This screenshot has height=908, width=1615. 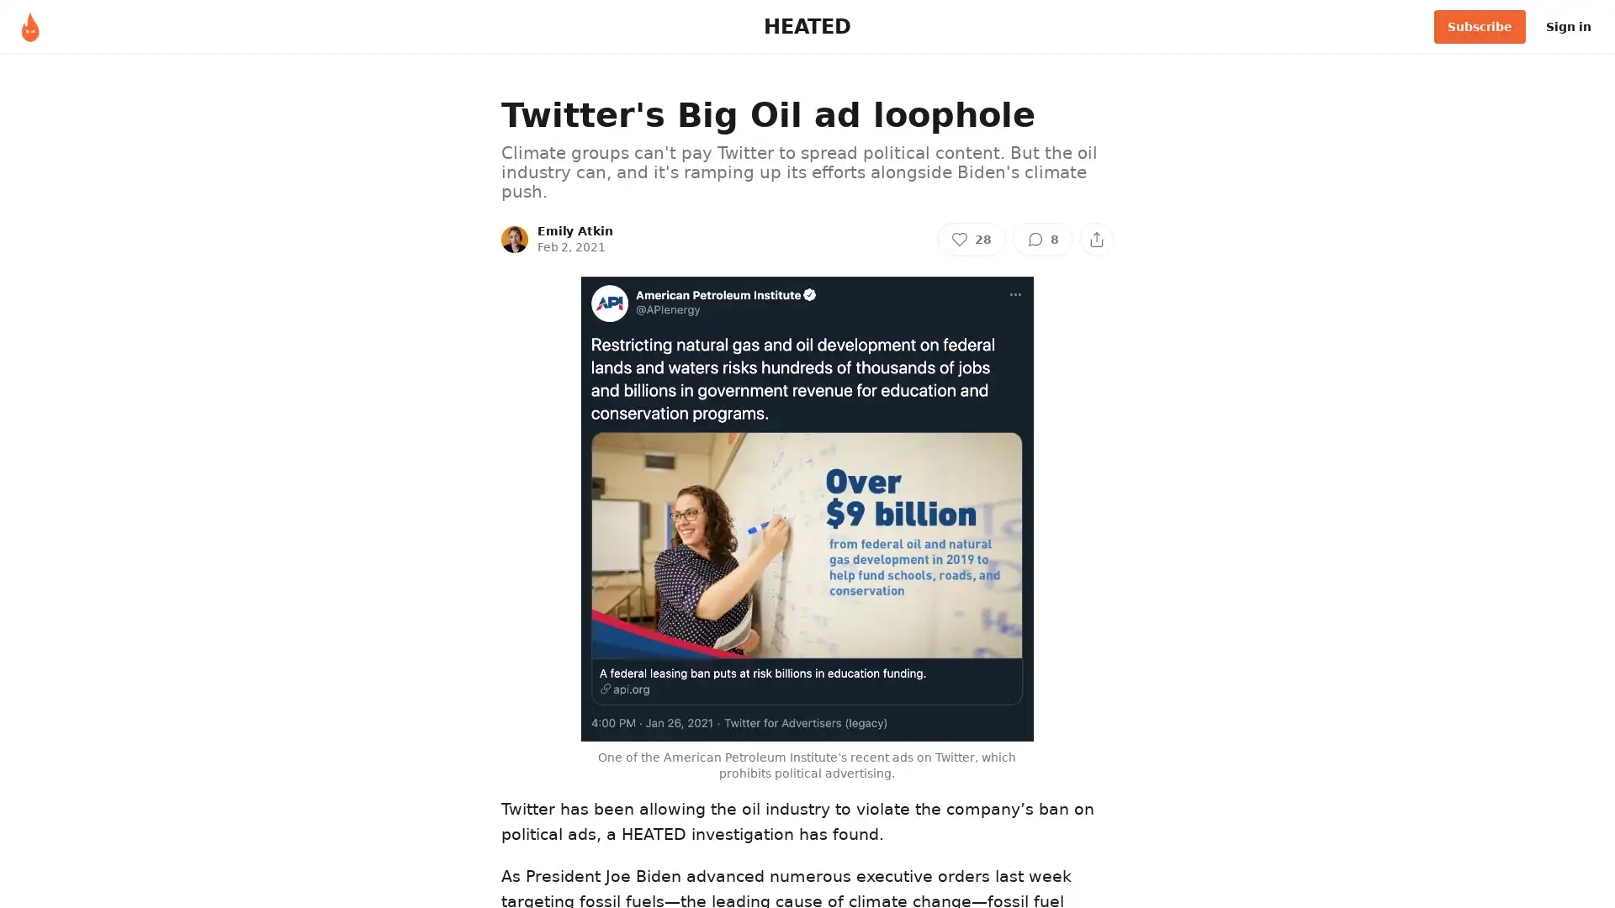 I want to click on Subscribe, so click(x=1479, y=26).